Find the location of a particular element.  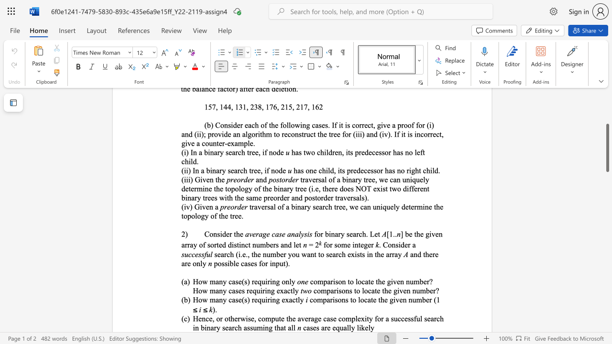

the 3th character "l" in the text is located at coordinates (292, 327).